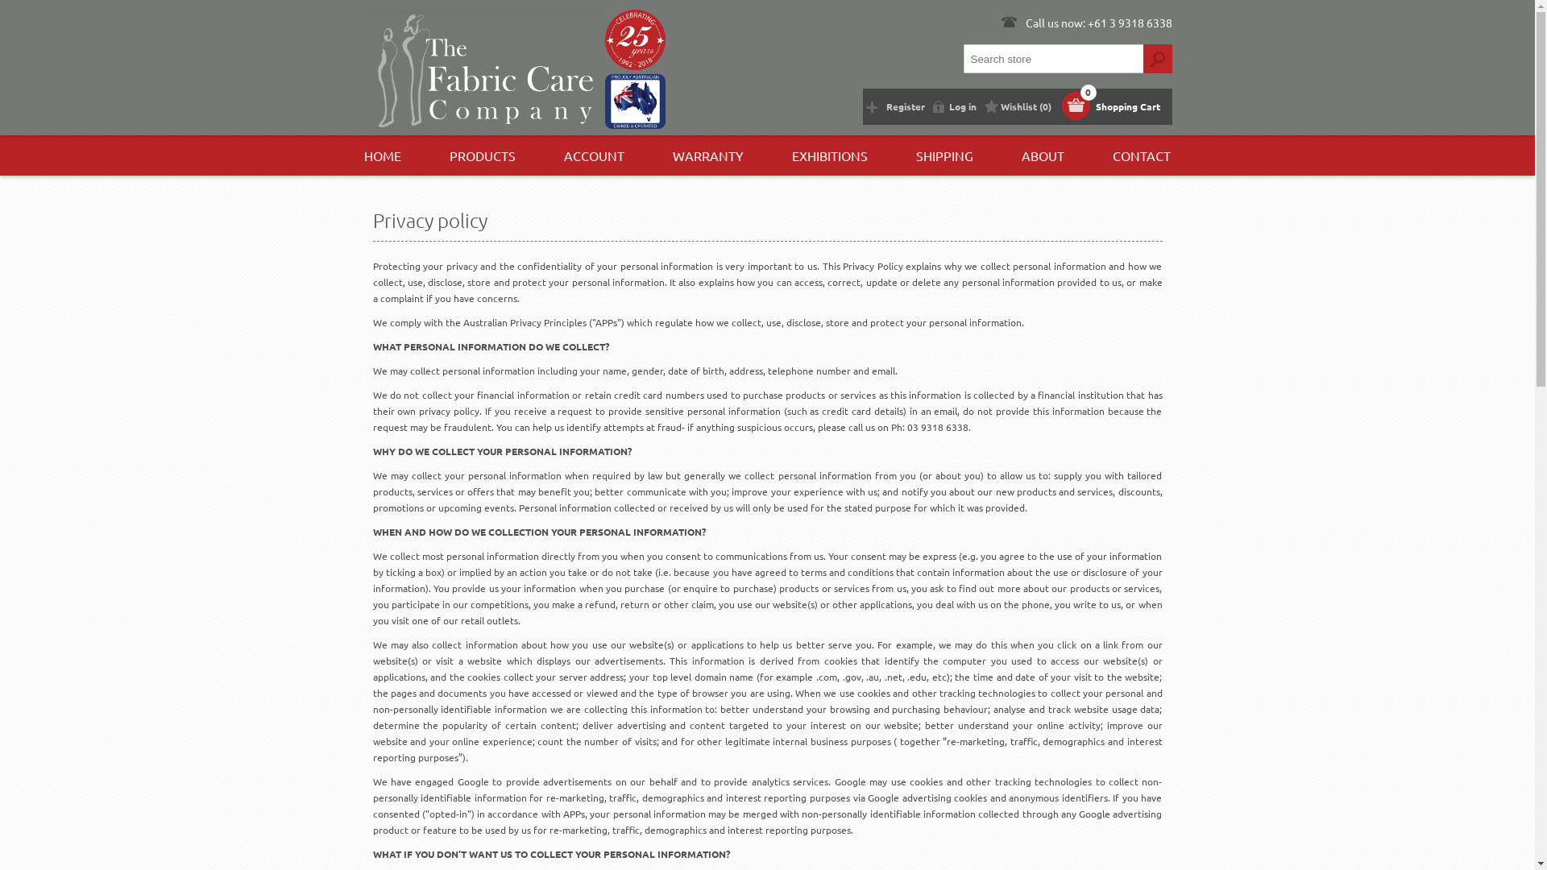 This screenshot has height=870, width=1547. What do you see at coordinates (955, 106) in the screenshot?
I see `'Log in'` at bounding box center [955, 106].